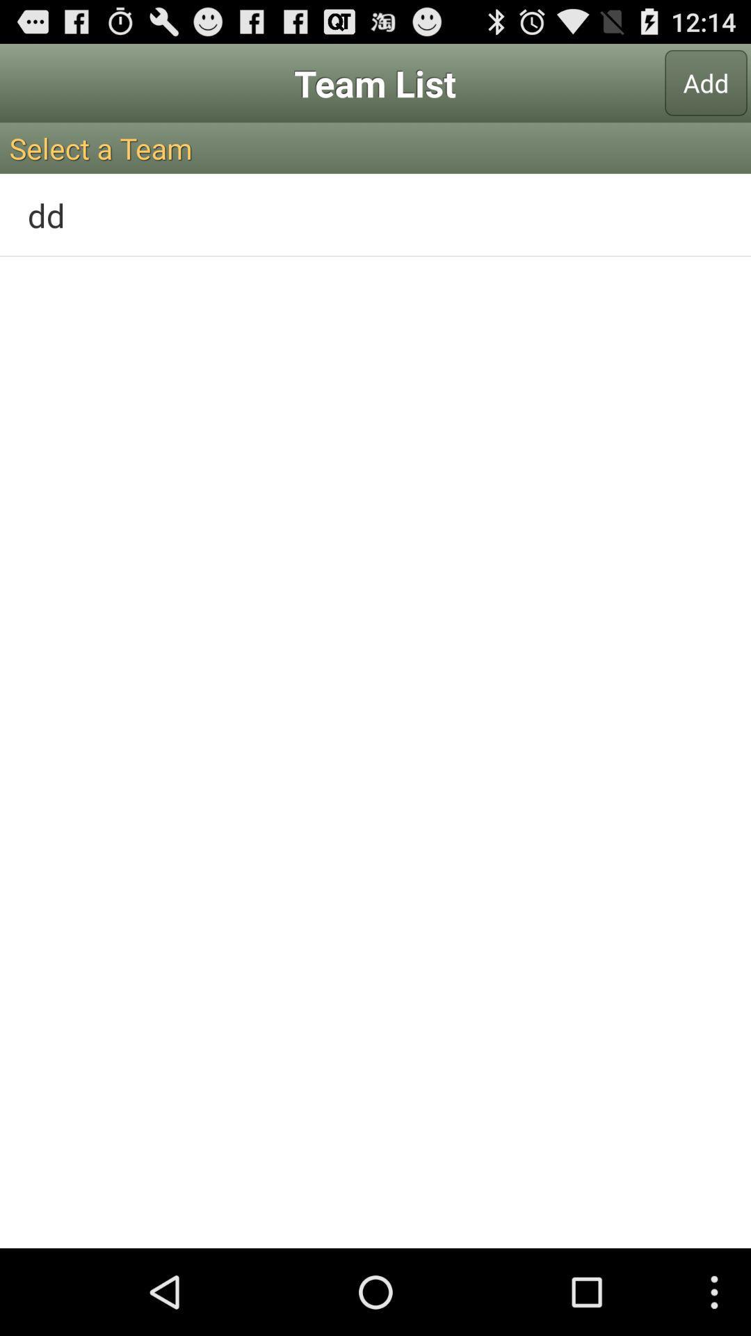  I want to click on item at the top right corner, so click(706, 82).